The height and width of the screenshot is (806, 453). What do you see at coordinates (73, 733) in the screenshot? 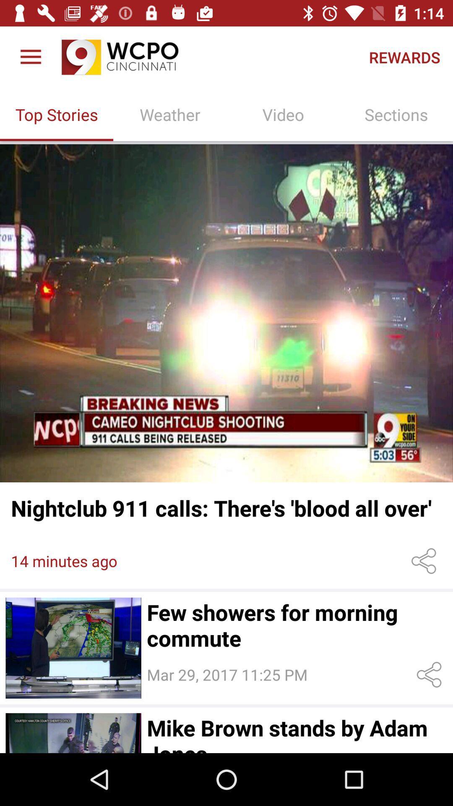
I see `this article` at bounding box center [73, 733].